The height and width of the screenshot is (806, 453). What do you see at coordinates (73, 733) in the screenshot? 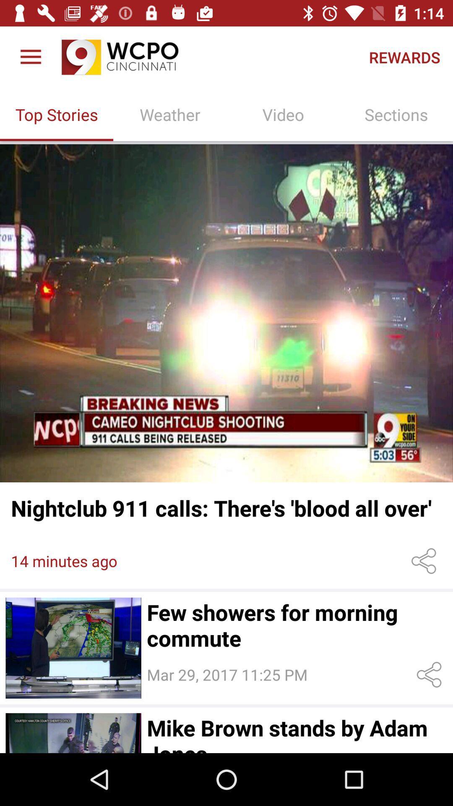
I see `this article` at bounding box center [73, 733].